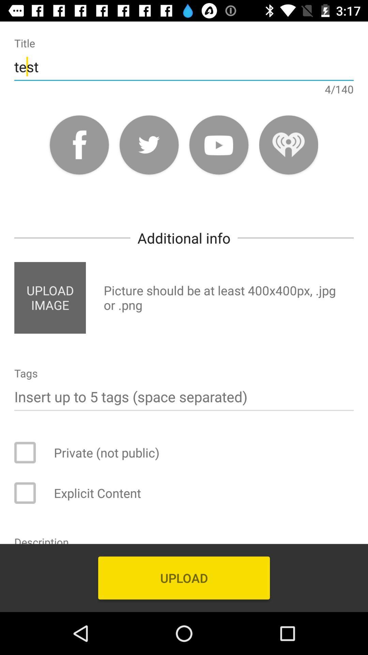 The image size is (368, 655). I want to click on the icon to the left of picture should be item, so click(49, 298).